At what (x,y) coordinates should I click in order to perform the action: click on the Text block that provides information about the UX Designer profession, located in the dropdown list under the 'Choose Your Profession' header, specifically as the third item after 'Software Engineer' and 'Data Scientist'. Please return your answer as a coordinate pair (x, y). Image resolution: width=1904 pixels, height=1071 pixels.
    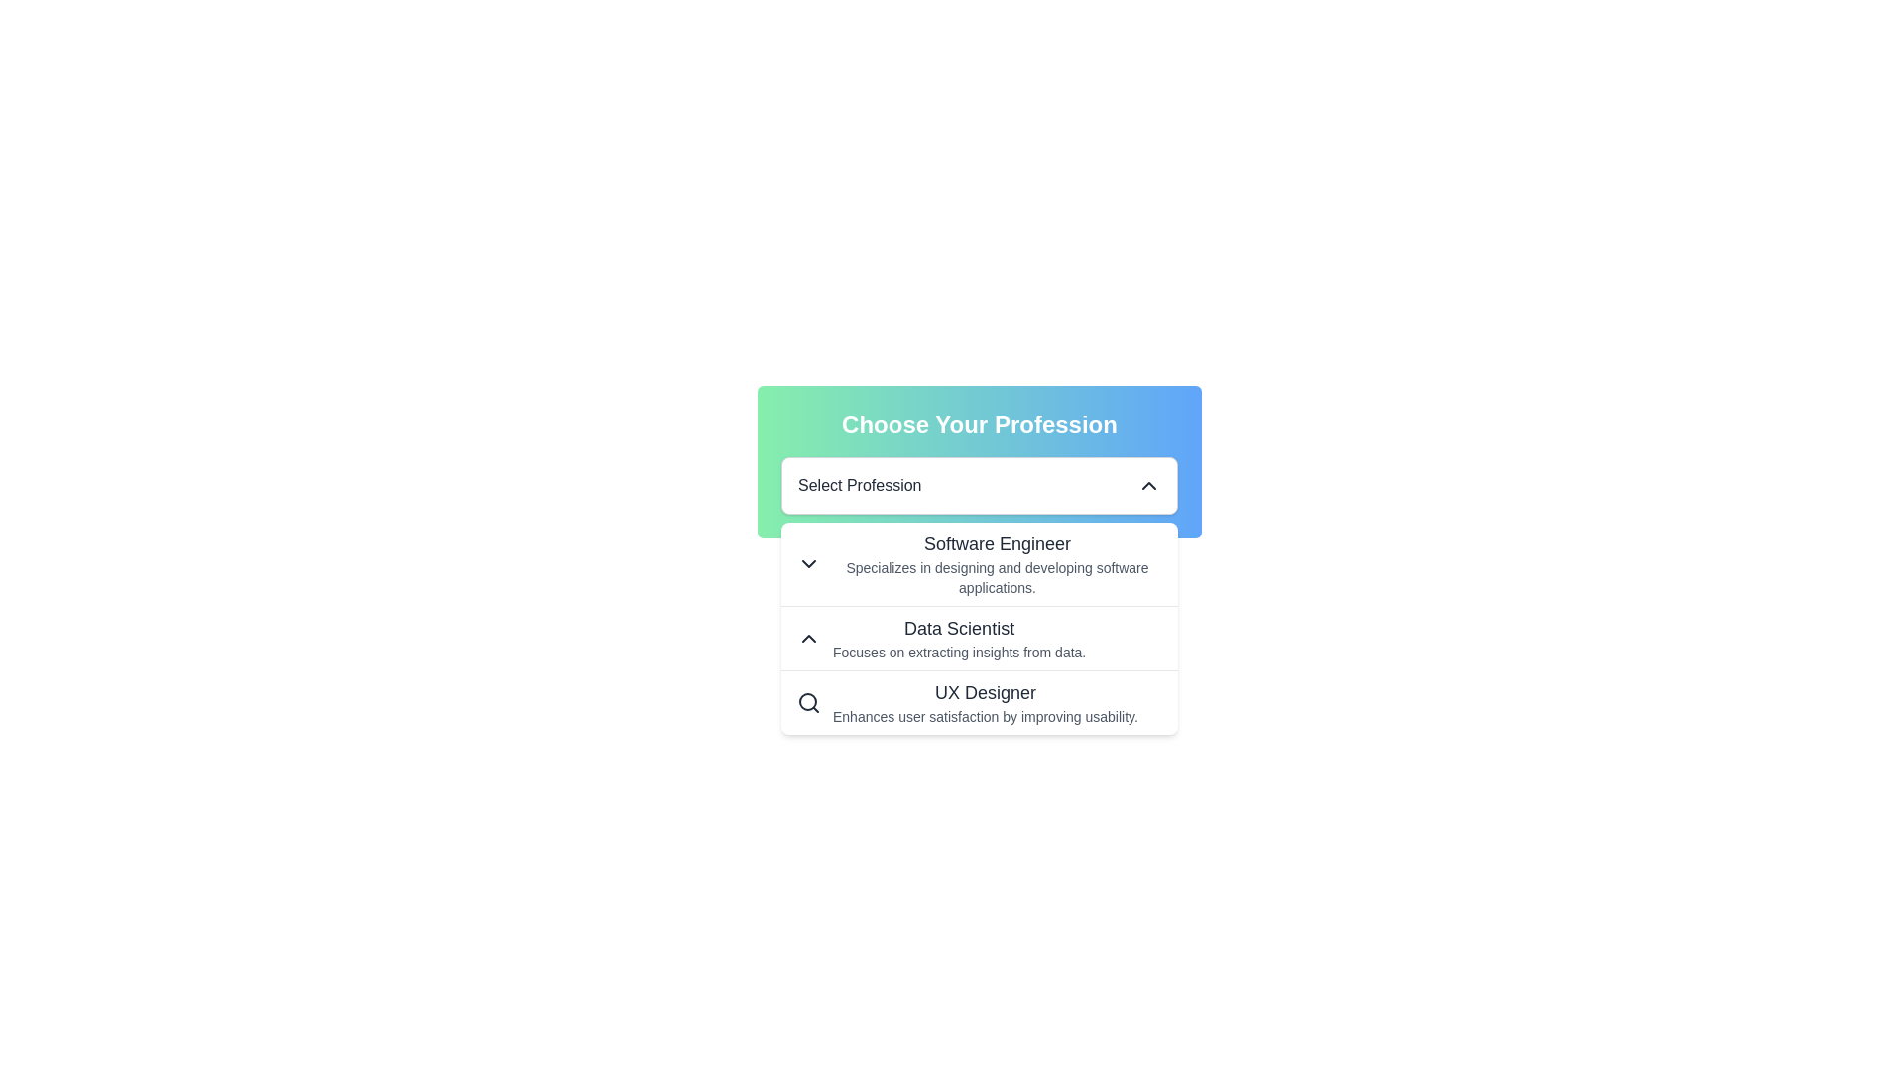
    Looking at the image, I should click on (985, 702).